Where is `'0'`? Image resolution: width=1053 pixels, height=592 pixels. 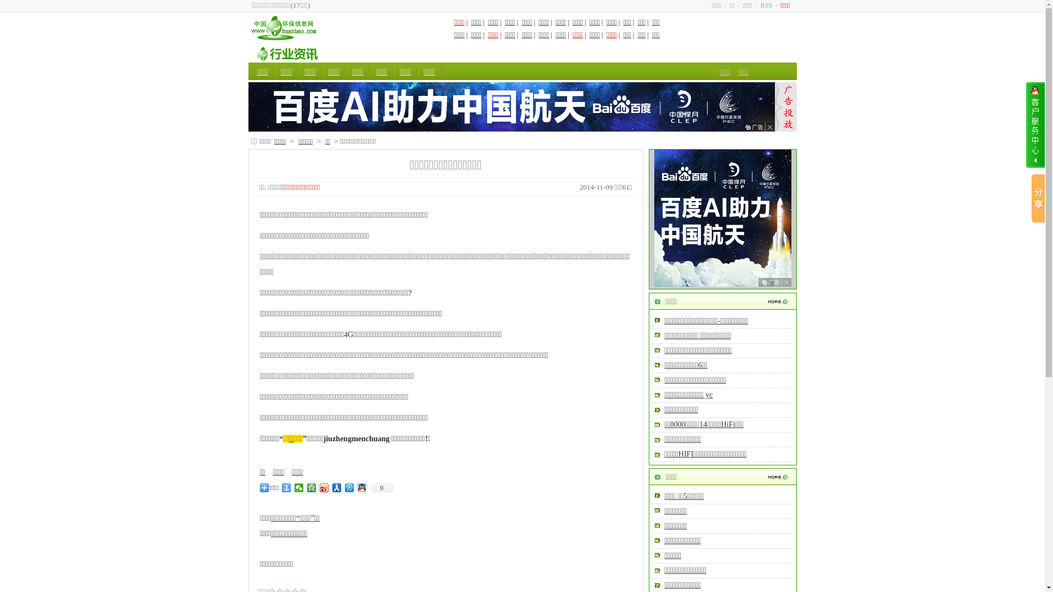 '0' is located at coordinates (382, 487).